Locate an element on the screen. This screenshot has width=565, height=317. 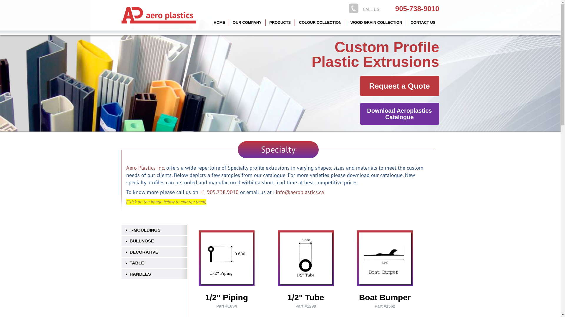
'BULLNOSE' is located at coordinates (154, 241).